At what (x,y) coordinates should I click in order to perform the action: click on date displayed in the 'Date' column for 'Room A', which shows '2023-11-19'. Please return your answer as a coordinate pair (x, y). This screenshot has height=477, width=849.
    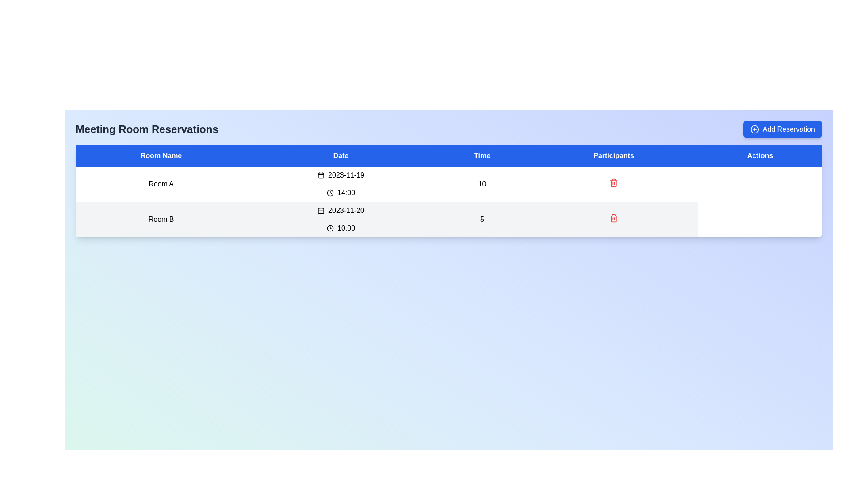
    Looking at the image, I should click on (340, 175).